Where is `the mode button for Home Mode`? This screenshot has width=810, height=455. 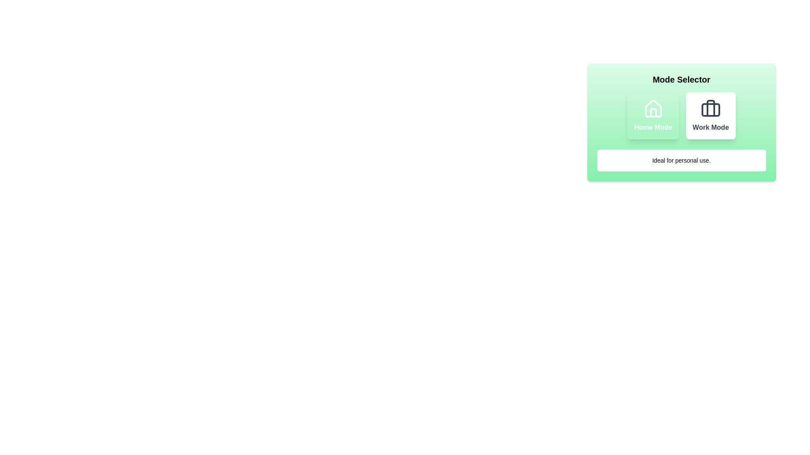
the mode button for Home Mode is located at coordinates (653, 115).